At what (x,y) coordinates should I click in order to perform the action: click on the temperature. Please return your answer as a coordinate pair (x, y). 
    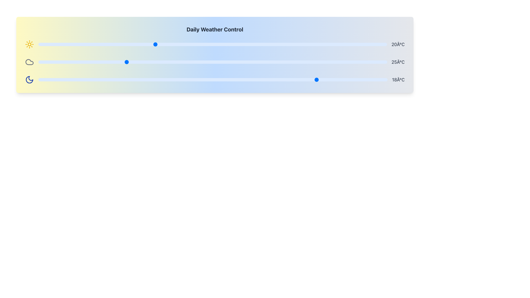
    Looking at the image, I should click on (282, 62).